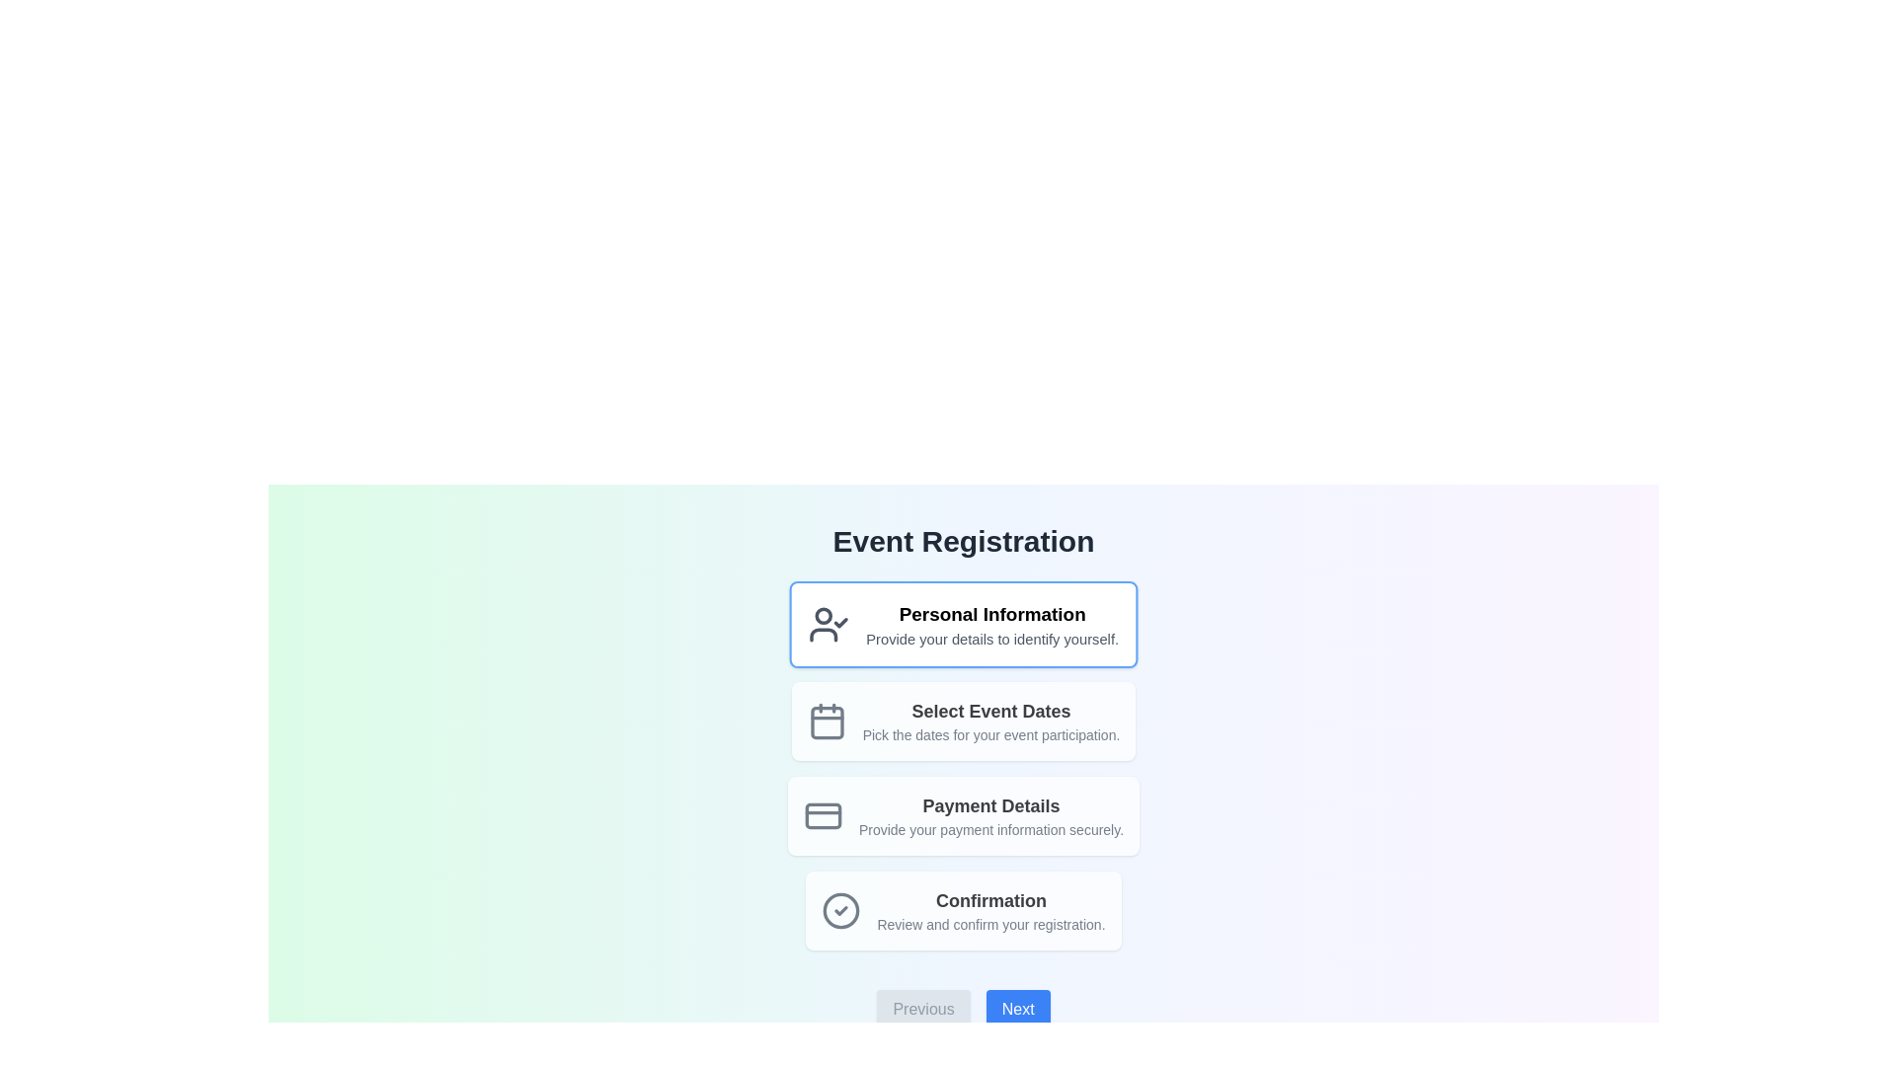 The width and height of the screenshot is (1896, 1066). Describe the element at coordinates (992, 613) in the screenshot. I see `the prominent 'Personal Information' text label, which is displayed in bold and slightly enlarged font style, indicating its significance in the user input section` at that location.